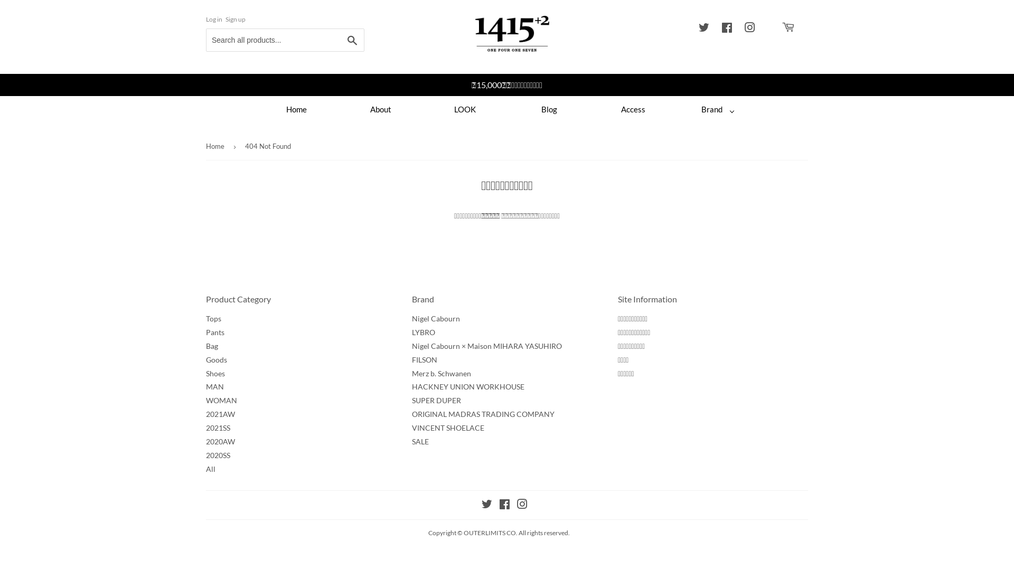 The height and width of the screenshot is (570, 1014). What do you see at coordinates (704, 28) in the screenshot?
I see `'Twitter'` at bounding box center [704, 28].